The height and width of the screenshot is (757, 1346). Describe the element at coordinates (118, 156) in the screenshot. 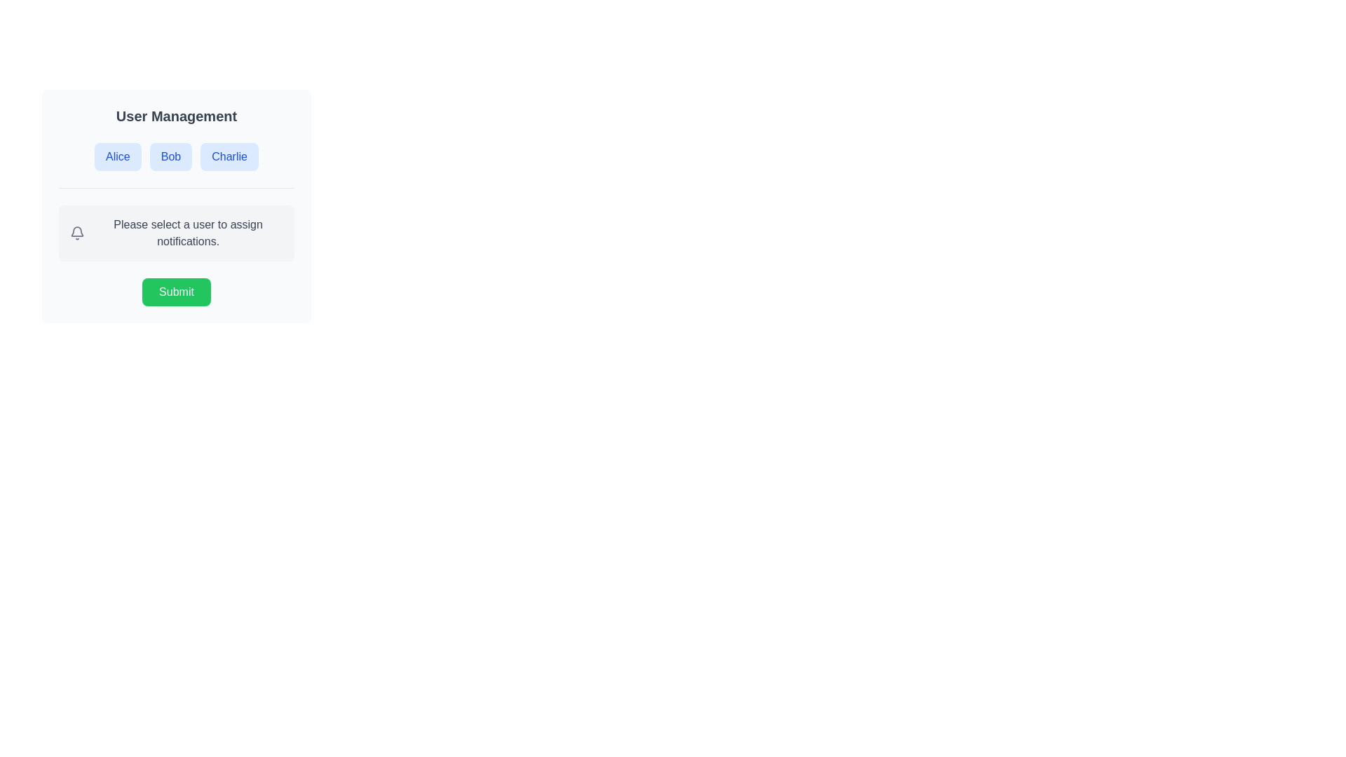

I see `the button labeled 'Alice' located under the 'User Management' heading to receive interaction feedback` at that location.